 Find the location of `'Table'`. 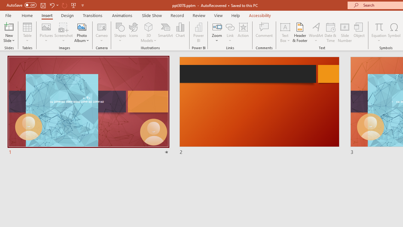

'Table' is located at coordinates (27, 32).